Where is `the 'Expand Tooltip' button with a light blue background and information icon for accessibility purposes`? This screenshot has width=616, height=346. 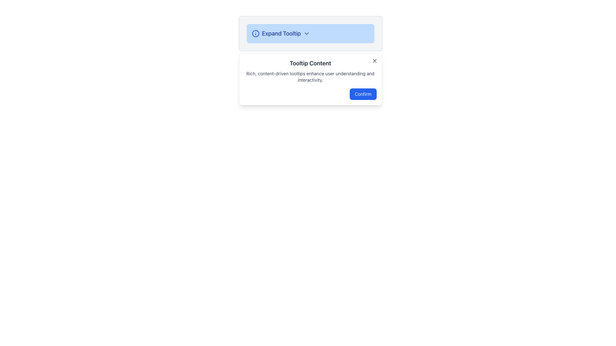 the 'Expand Tooltip' button with a light blue background and information icon for accessibility purposes is located at coordinates (310, 33).